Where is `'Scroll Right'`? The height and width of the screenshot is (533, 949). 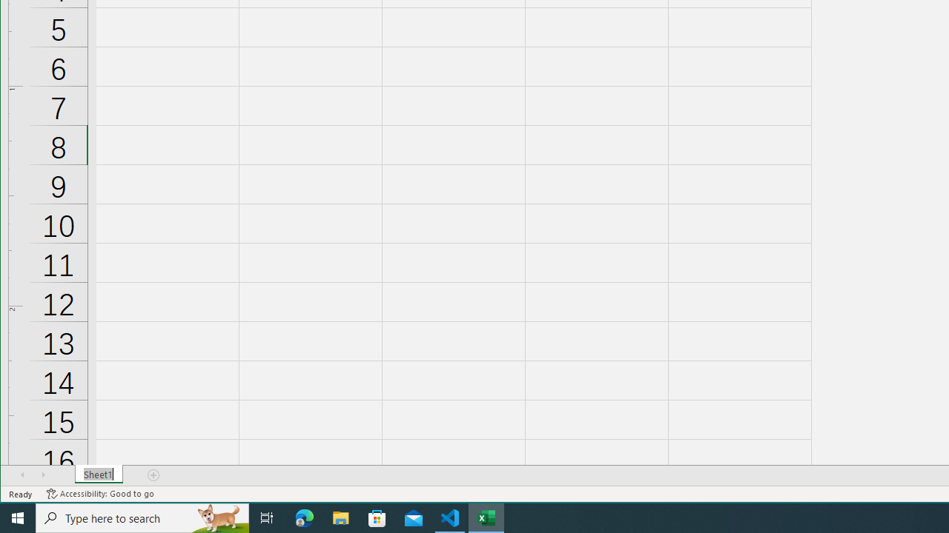 'Scroll Right' is located at coordinates (43, 475).